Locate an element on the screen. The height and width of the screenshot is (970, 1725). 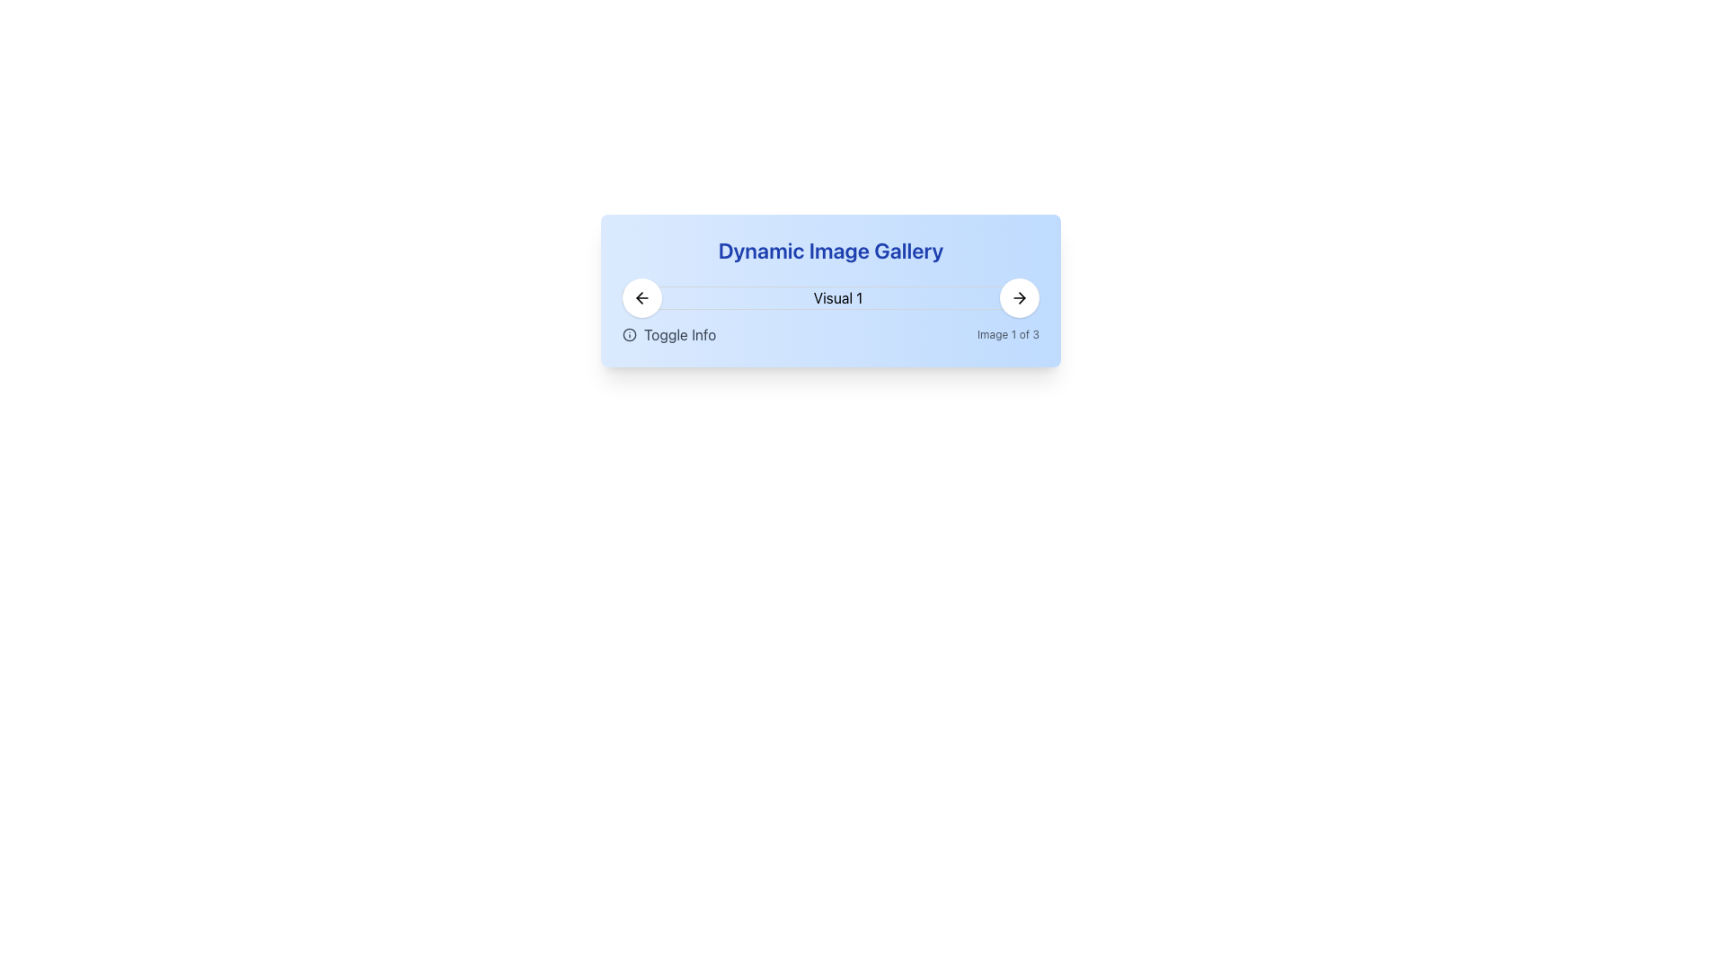
the left navigation control SVG icon within the blue header bar is located at coordinates (640, 296).